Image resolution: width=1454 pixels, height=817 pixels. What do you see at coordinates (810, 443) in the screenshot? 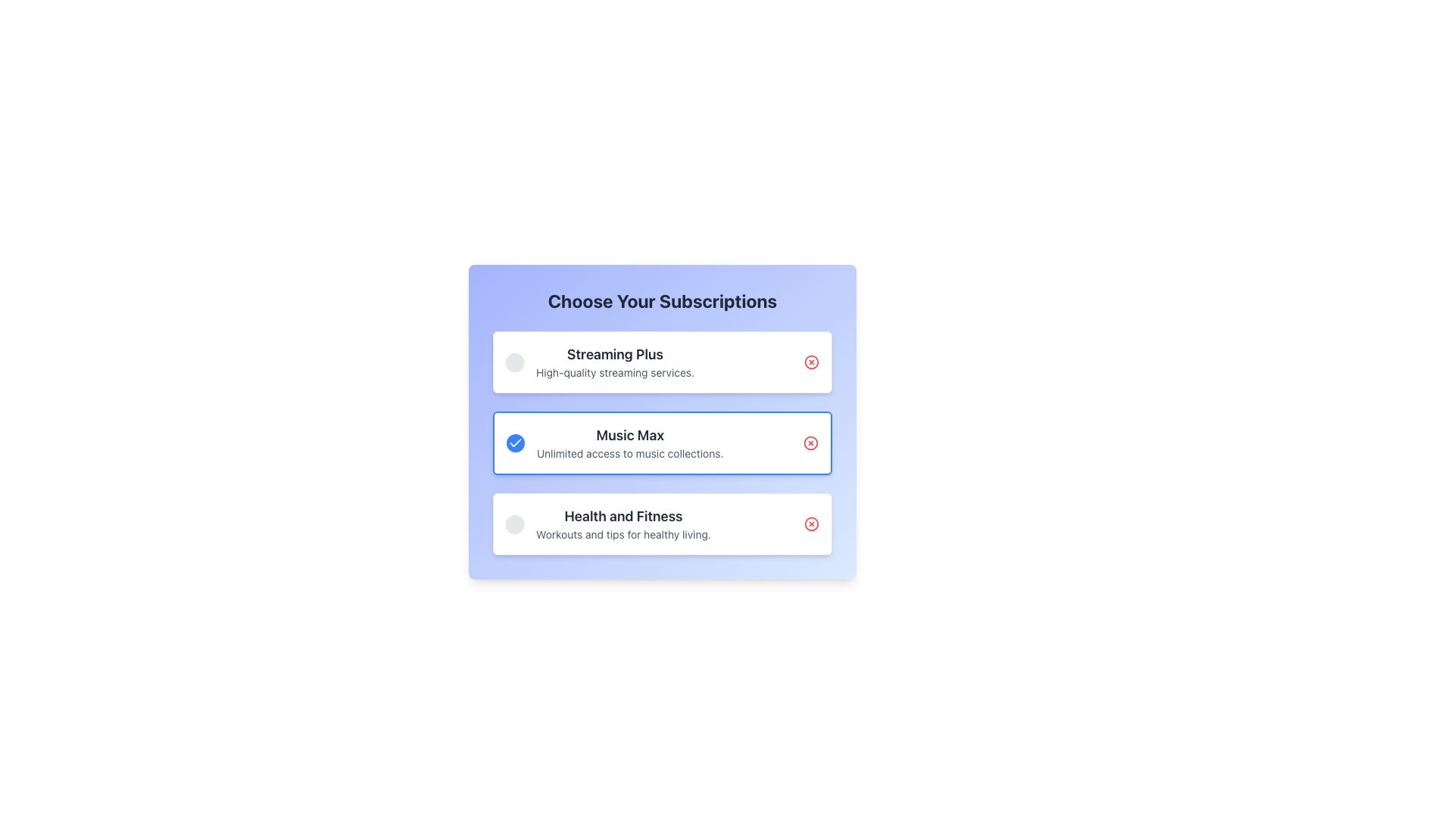
I see `the cancel button for the 'Music Max' subscription option` at bounding box center [810, 443].